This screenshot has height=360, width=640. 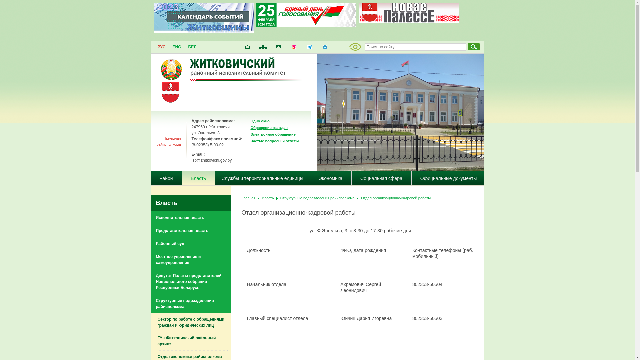 I want to click on 'instagram', so click(x=294, y=48).